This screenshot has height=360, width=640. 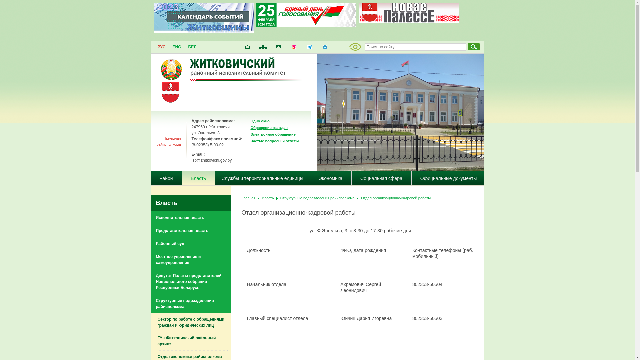 I want to click on 'instagram', so click(x=294, y=48).